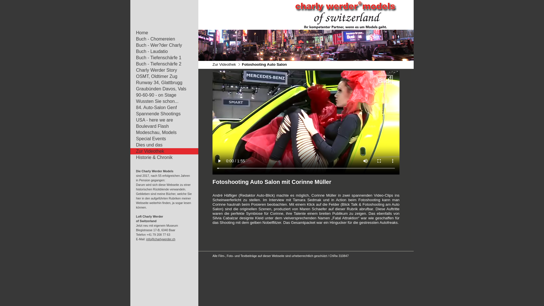 The image size is (544, 306). I want to click on 'Spannende Shootings', so click(161, 114).